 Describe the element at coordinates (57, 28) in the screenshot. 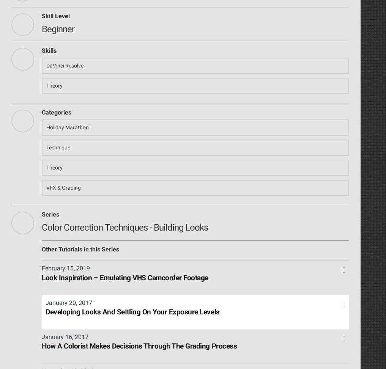

I see `'Beginner'` at that location.